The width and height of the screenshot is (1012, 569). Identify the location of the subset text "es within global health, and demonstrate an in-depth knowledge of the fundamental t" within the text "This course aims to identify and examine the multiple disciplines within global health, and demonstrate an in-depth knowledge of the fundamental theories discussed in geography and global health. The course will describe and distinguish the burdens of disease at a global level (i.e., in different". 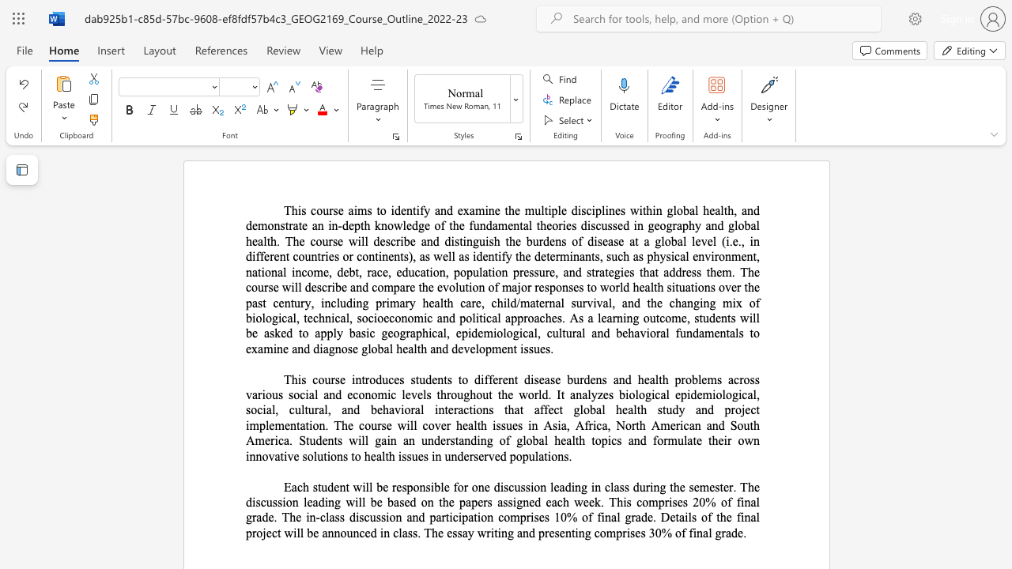
(614, 209).